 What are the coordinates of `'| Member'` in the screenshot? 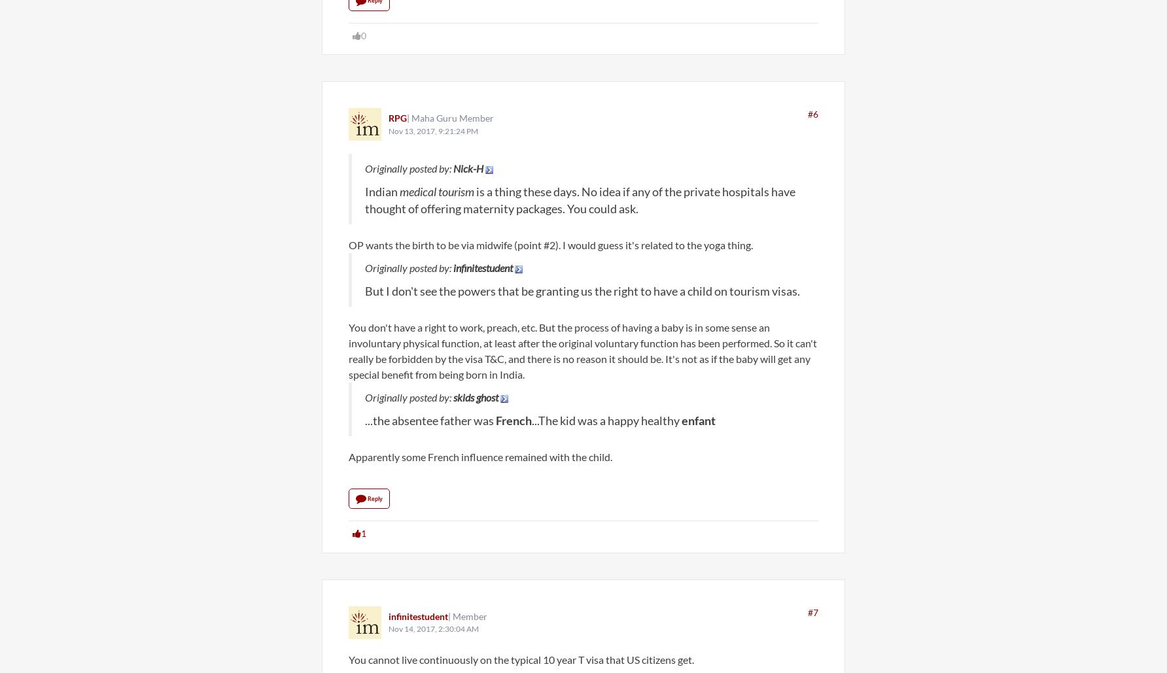 It's located at (468, 615).